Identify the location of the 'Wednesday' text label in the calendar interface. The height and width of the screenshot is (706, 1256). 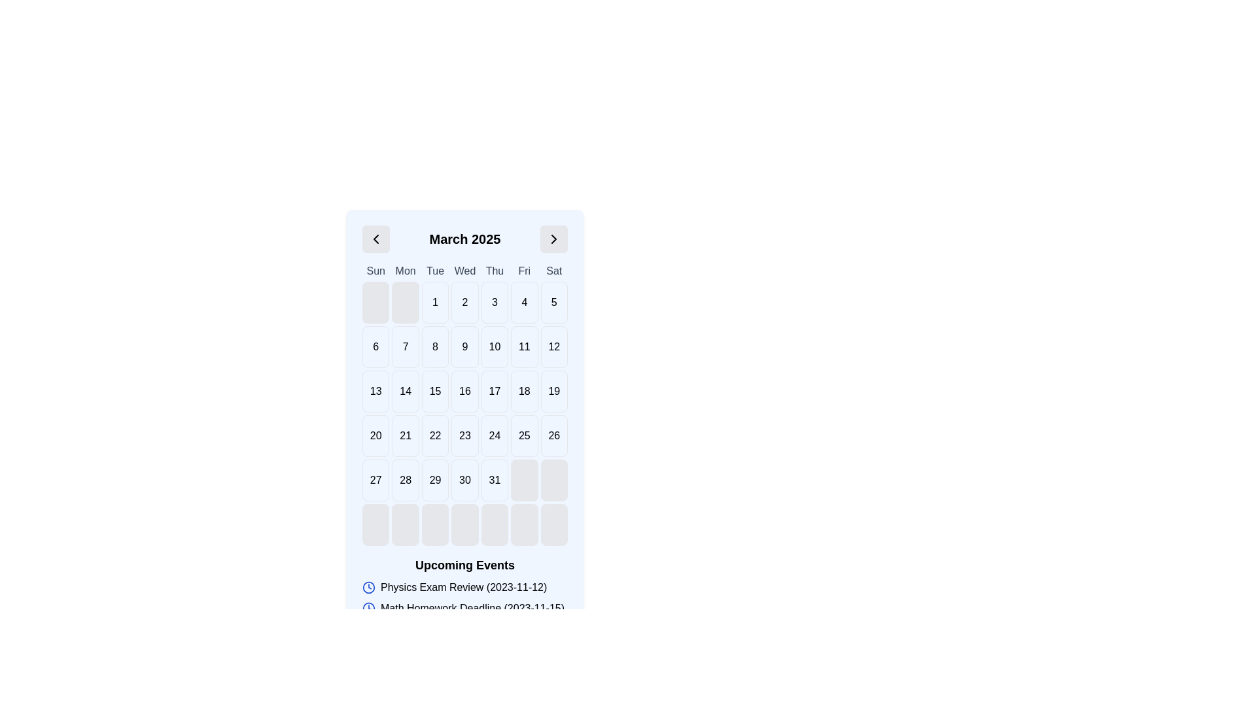
(464, 271).